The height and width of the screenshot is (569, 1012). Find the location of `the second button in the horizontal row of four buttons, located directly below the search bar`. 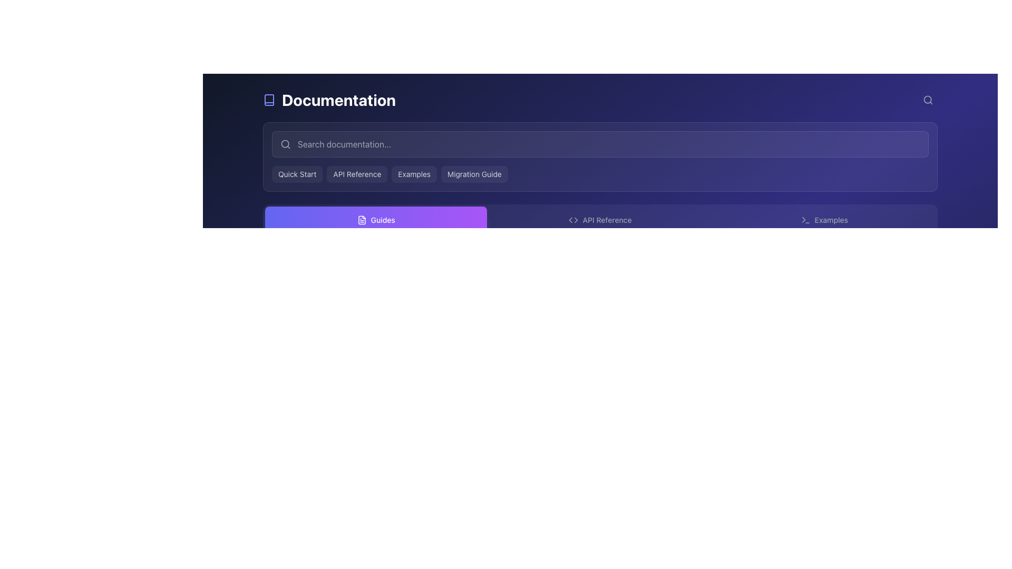

the second button in the horizontal row of four buttons, located directly below the search bar is located at coordinates (357, 174).